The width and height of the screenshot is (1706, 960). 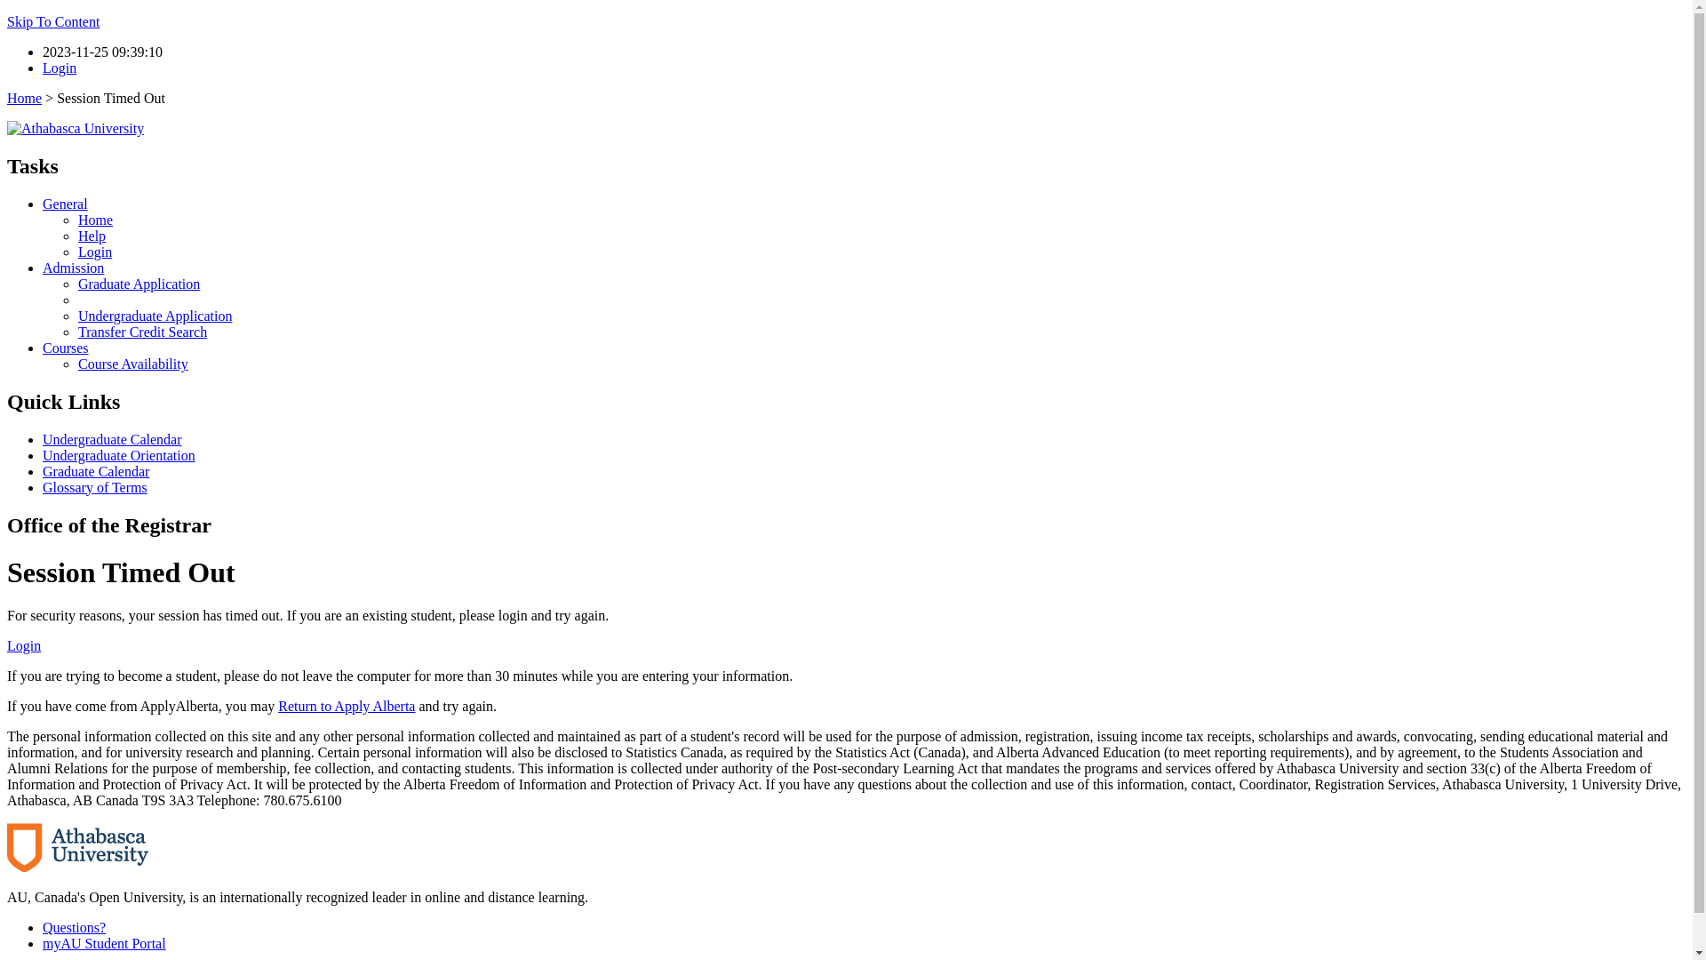 What do you see at coordinates (76, 283) in the screenshot?
I see `'Graduate Application'` at bounding box center [76, 283].